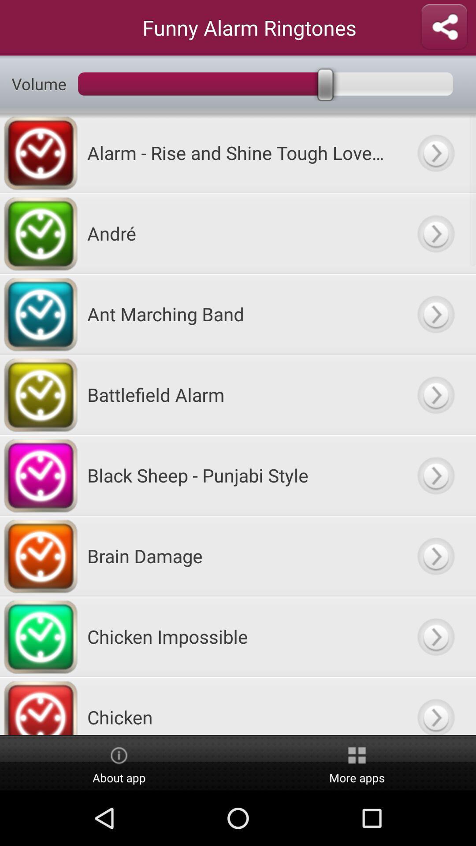  Describe the element at coordinates (435, 394) in the screenshot. I see `alarm` at that location.